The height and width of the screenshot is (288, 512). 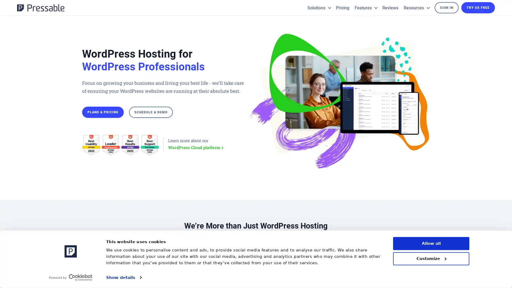 What do you see at coordinates (431, 258) in the screenshot?
I see `Customize` at bounding box center [431, 258].